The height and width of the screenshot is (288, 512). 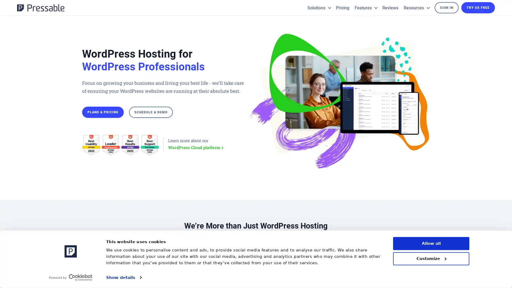 What do you see at coordinates (431, 258) in the screenshot?
I see `Customize` at bounding box center [431, 258].